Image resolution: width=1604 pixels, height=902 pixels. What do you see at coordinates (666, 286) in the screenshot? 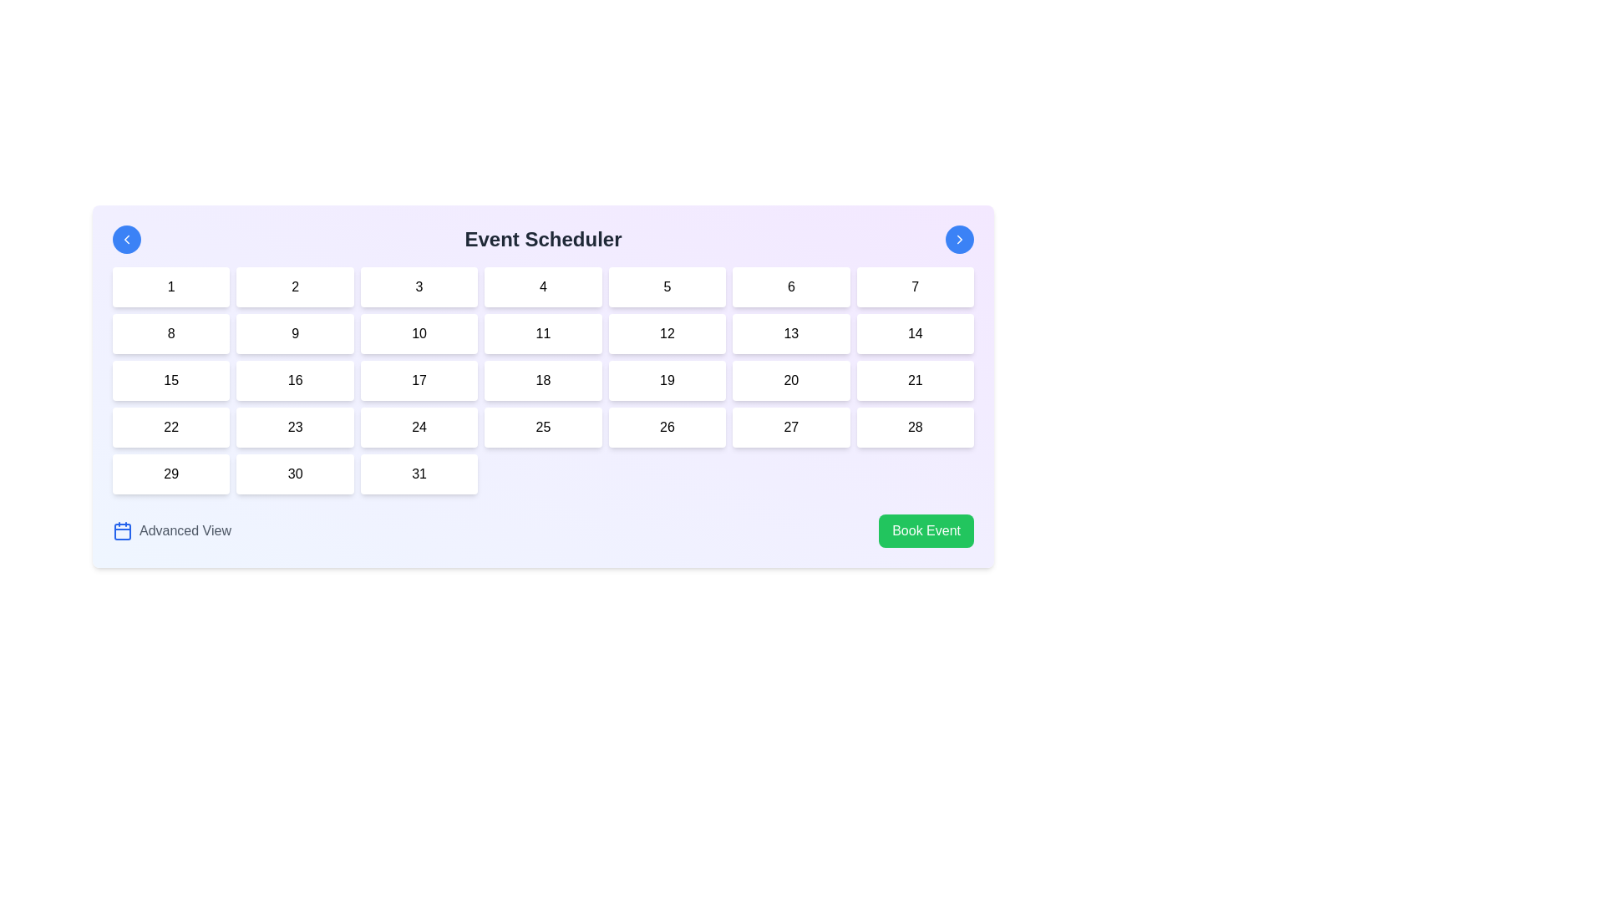
I see `the fifth date button in the calendar` at bounding box center [666, 286].